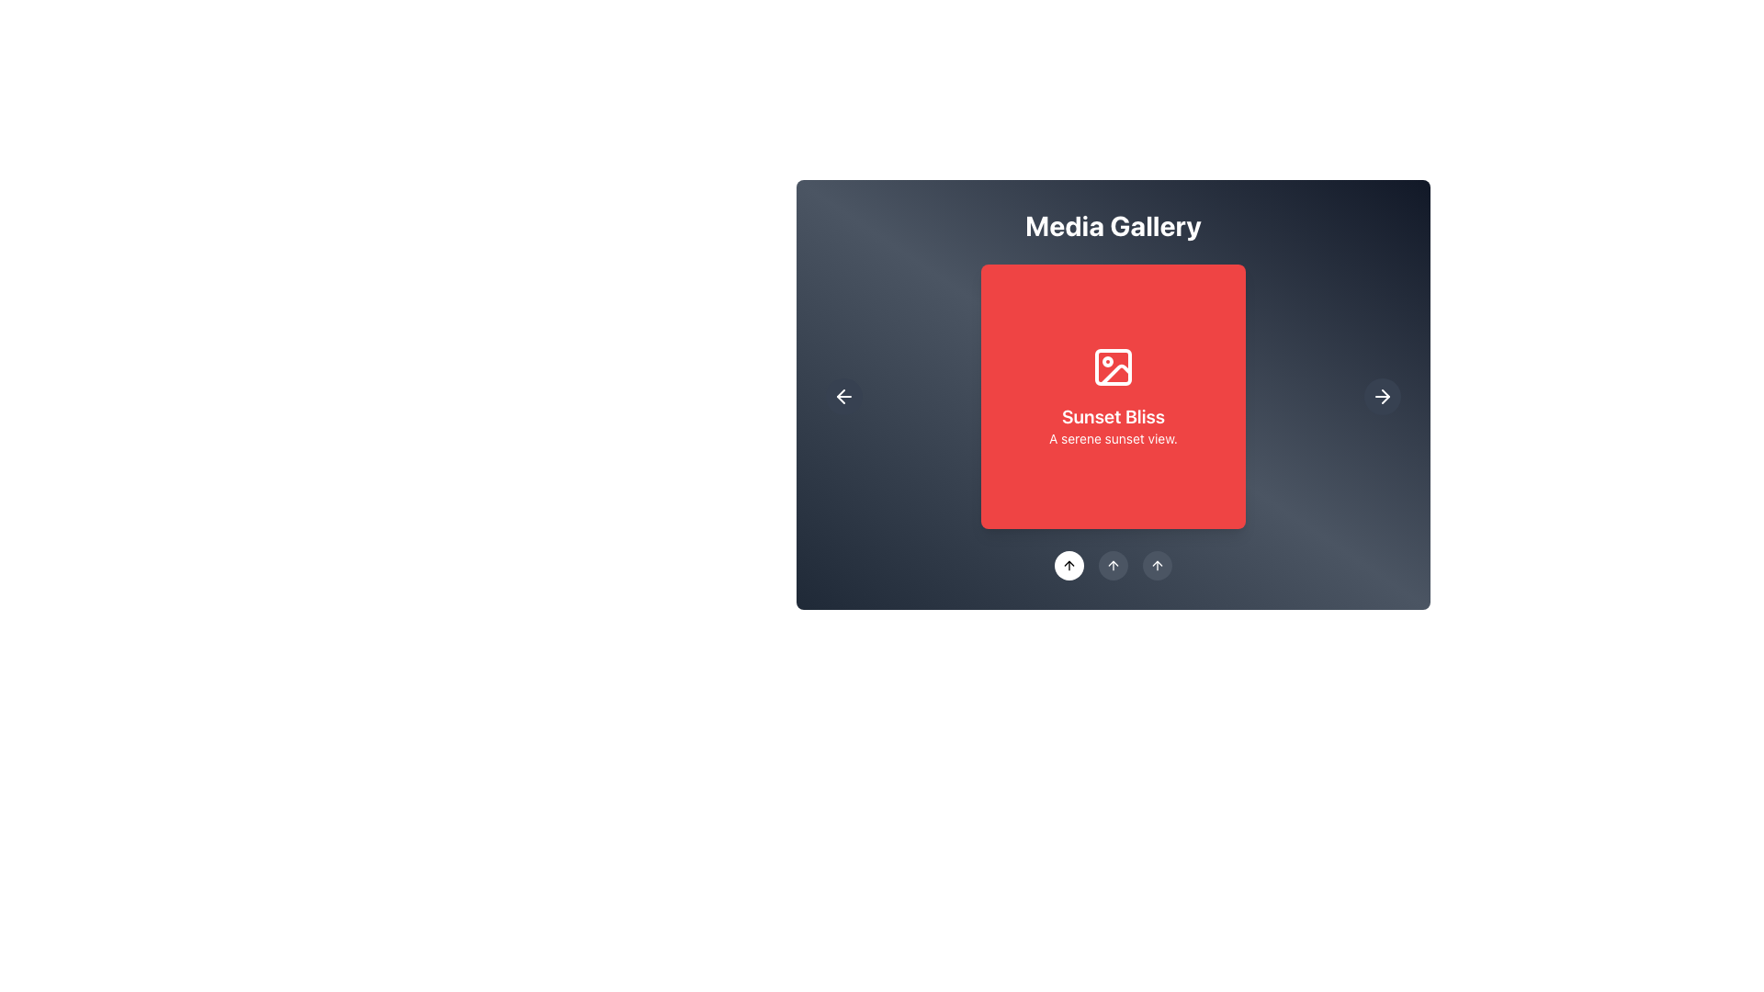  Describe the element at coordinates (842, 396) in the screenshot. I see `the SVG Icon within the back button of the navigation interface` at that location.